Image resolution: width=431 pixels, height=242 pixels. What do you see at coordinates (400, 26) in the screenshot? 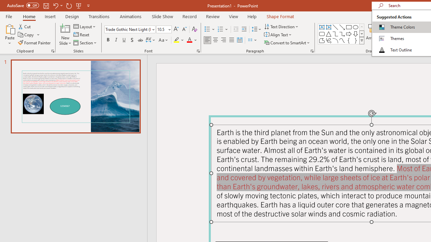
I see `'Shape Fill Aqua, Accent 2'` at bounding box center [400, 26].